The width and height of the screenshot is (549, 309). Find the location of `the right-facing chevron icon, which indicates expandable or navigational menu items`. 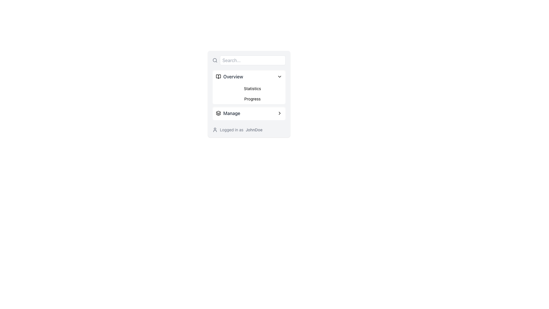

the right-facing chevron icon, which indicates expandable or navigational menu items is located at coordinates (280, 113).